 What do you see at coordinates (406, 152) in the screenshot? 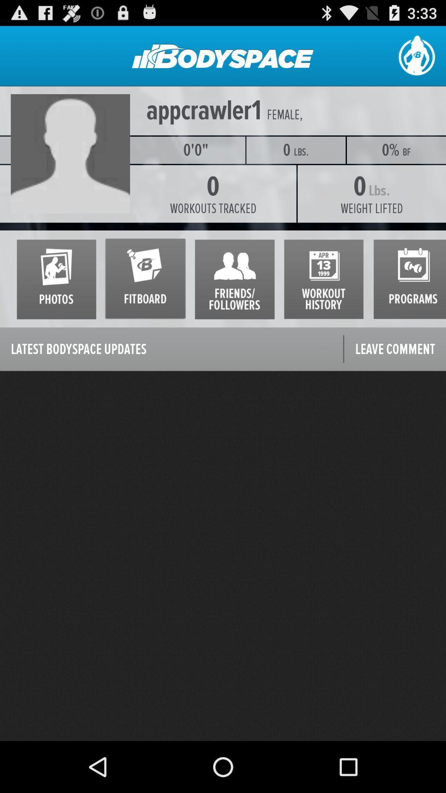
I see `the bf` at bounding box center [406, 152].